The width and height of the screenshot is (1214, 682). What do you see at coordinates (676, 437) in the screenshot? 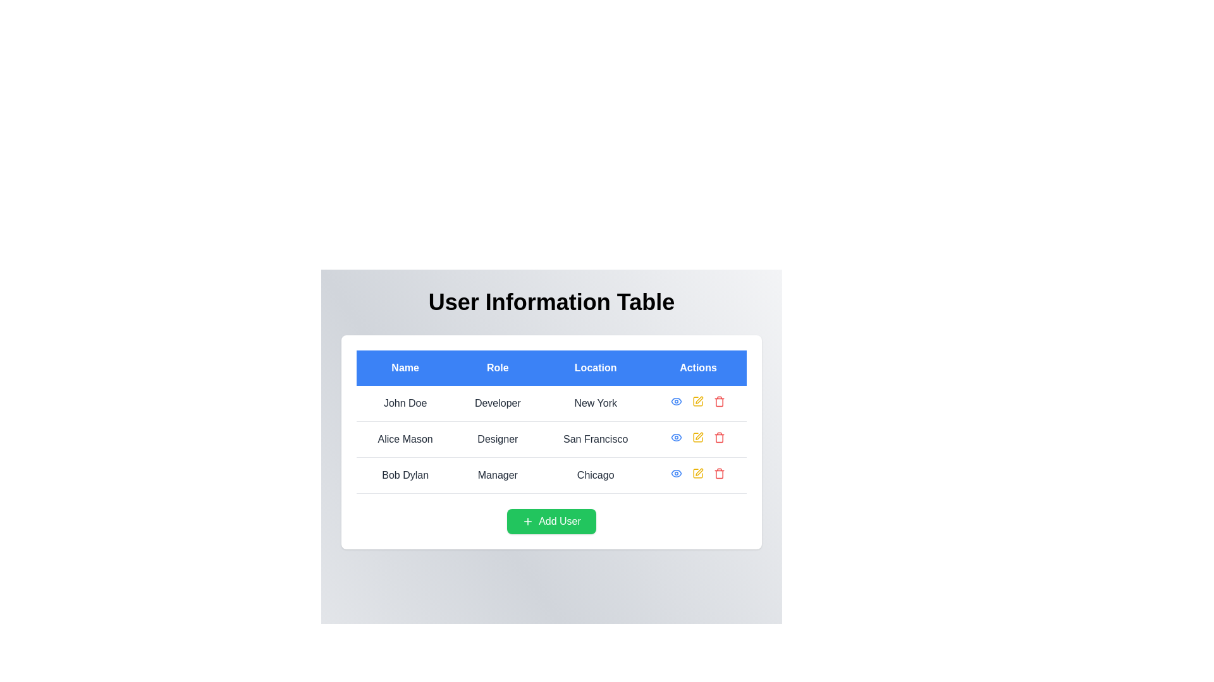
I see `the SVG element representing the outline of an eye, which indicates a 'view' or 'visibility' function in the user interface` at bounding box center [676, 437].